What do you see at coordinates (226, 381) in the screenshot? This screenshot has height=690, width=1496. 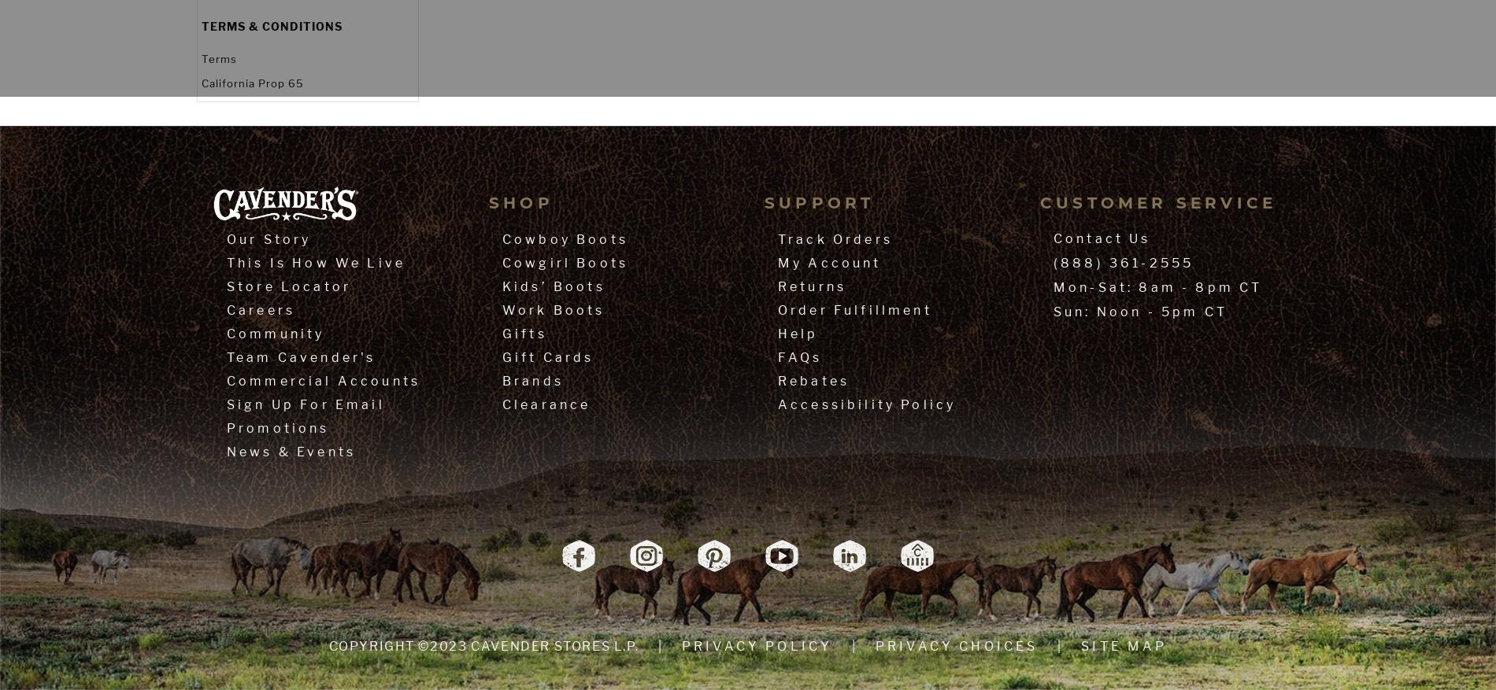 I see `'Commercial Accounts'` at bounding box center [226, 381].